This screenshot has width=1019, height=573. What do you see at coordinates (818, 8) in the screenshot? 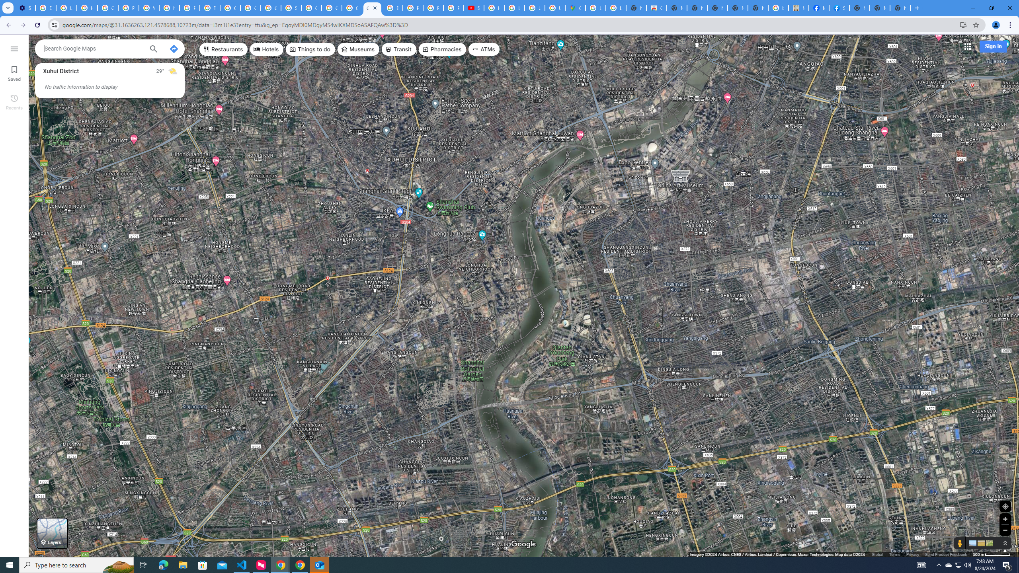
I see `'Miley Cyrus | Facebook'` at bounding box center [818, 8].